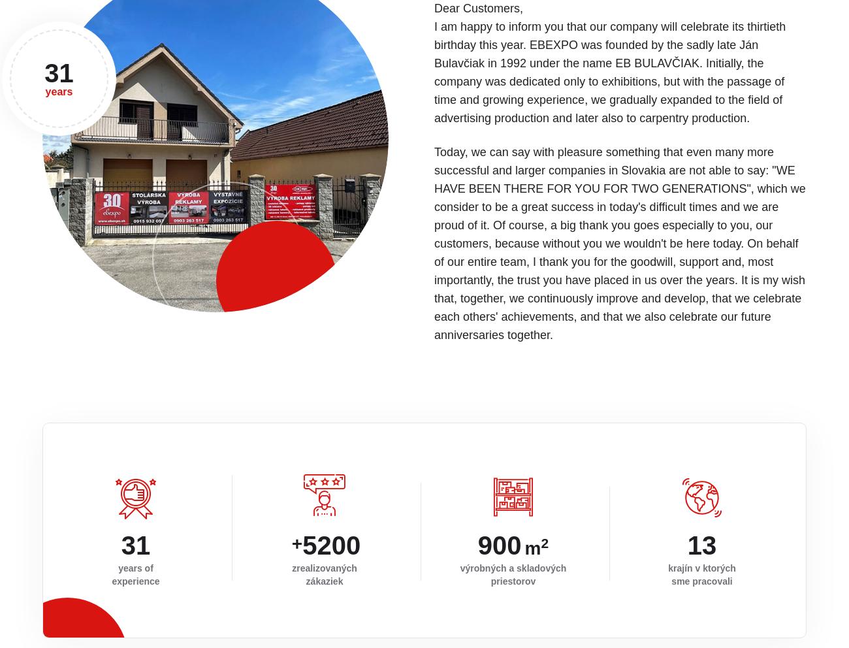  I want to click on 'Particle board', so click(596, 558).